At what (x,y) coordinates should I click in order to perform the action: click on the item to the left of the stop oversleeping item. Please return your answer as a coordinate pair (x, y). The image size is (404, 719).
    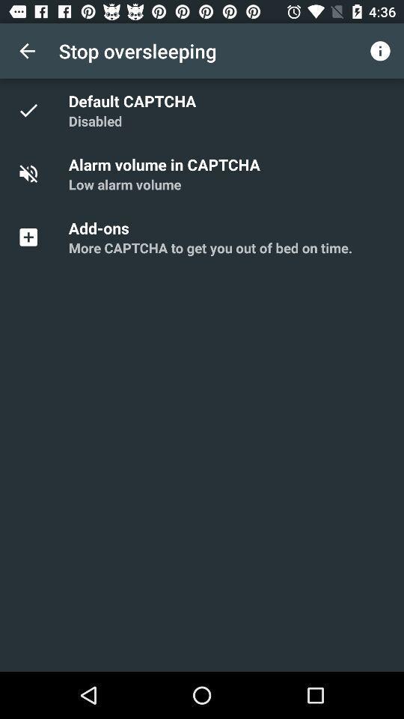
    Looking at the image, I should click on (27, 51).